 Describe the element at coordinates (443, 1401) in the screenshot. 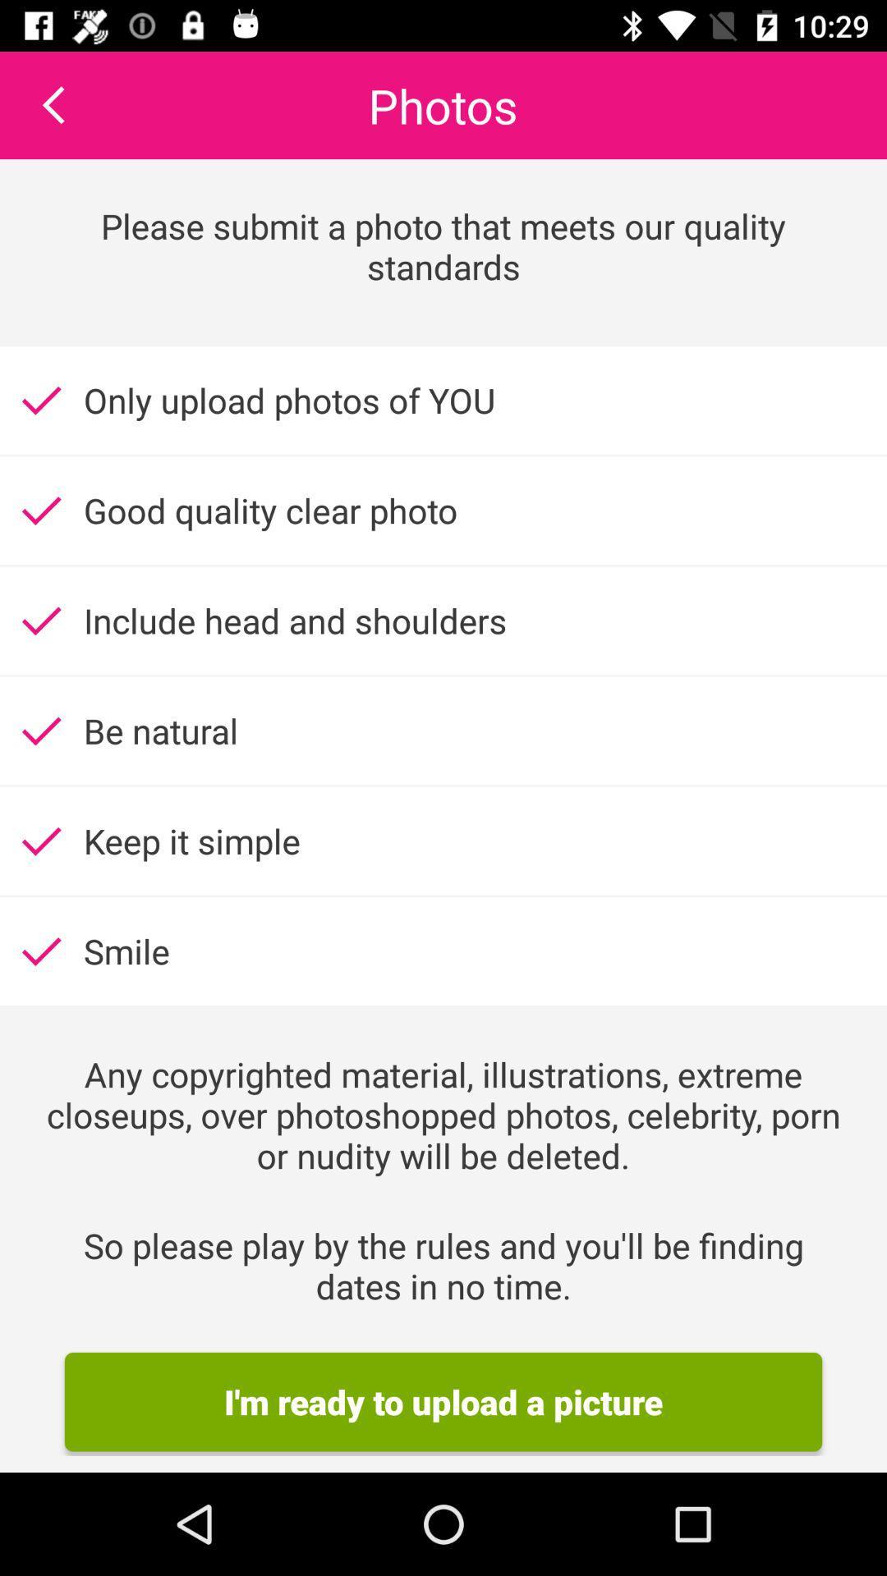

I see `the item below so please play app` at that location.